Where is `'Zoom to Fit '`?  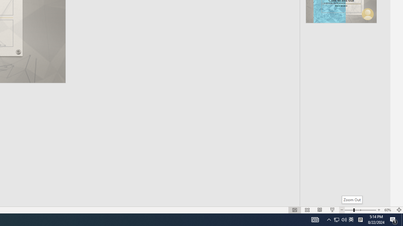 'Zoom to Fit ' is located at coordinates (399, 210).